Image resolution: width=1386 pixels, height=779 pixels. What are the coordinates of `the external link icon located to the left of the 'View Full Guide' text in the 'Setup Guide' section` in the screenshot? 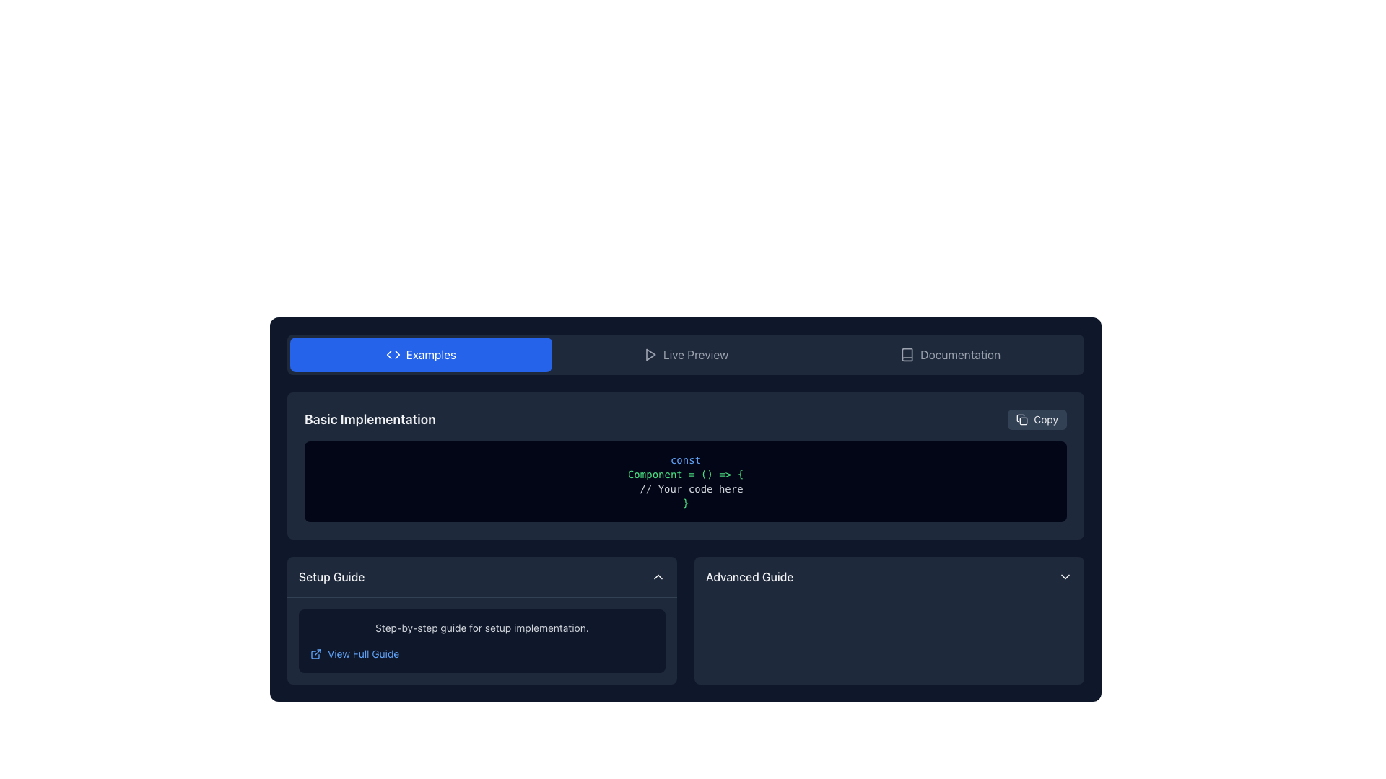 It's located at (315, 653).